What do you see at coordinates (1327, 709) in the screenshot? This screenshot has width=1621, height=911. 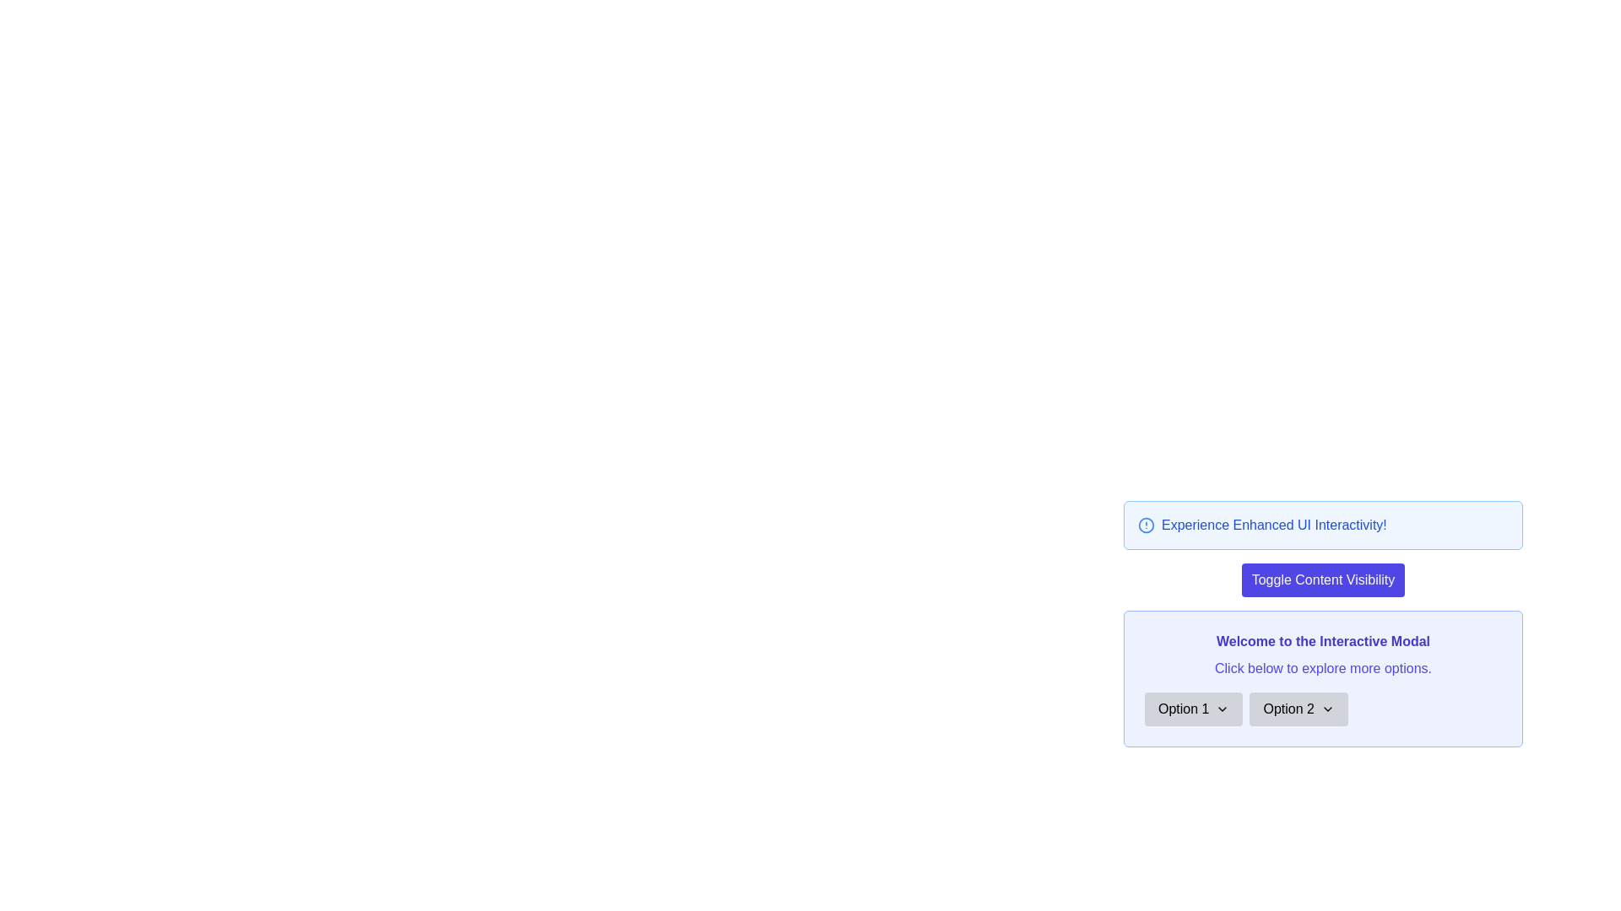 I see `the downward-facing chevron icon located to the right of the 'Option 2' button to invoke a context menu` at bounding box center [1327, 709].